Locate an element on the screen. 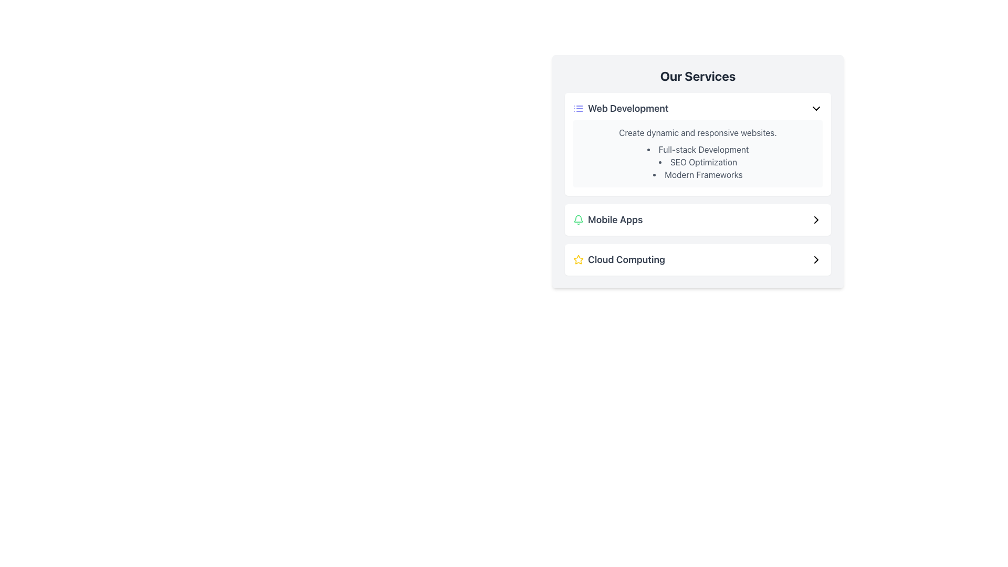 The image size is (1008, 567). the 'Mobile Apps' label with a green outlined bell icon located in the second row under 'Our Services' for further interaction is located at coordinates (607, 219).